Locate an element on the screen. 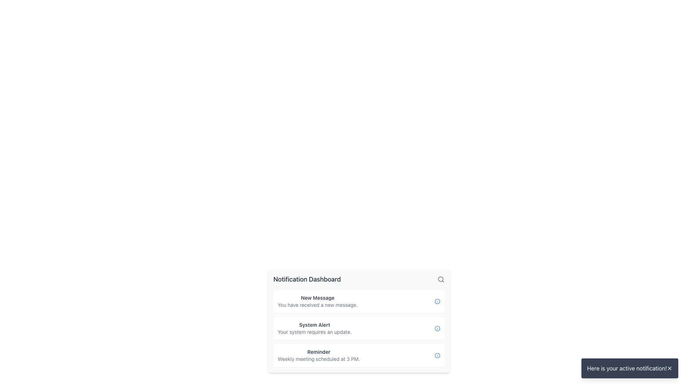  the blue circular information icon located to the right of the 'New Message' label is located at coordinates (437, 302).